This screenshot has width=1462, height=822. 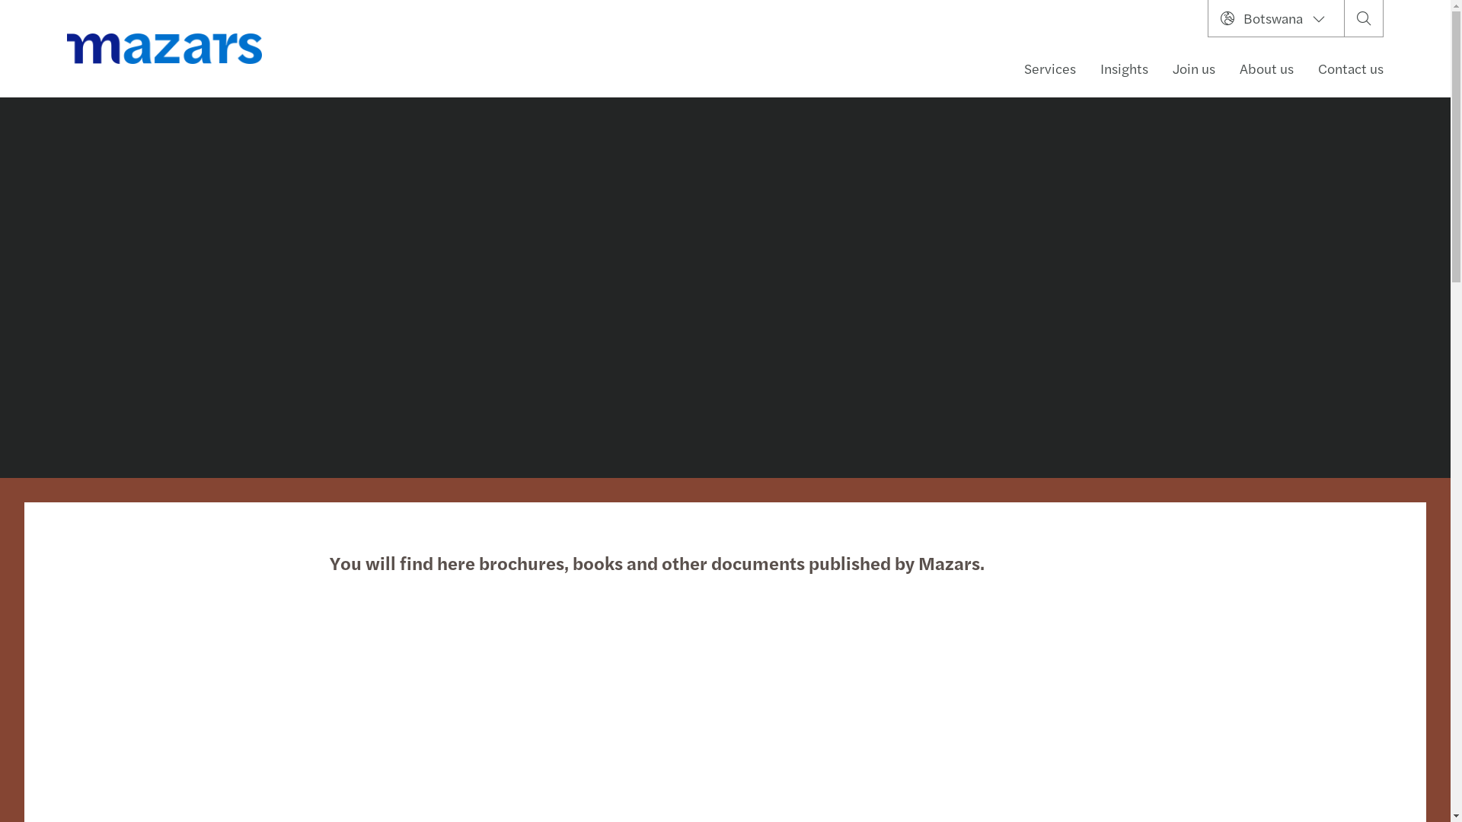 I want to click on 'Botswana', so click(x=1275, y=18).